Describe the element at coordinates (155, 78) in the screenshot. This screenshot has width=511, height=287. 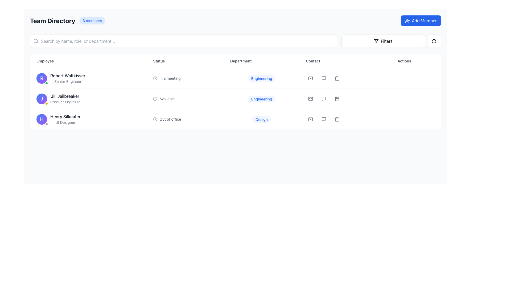
I see `the circular graphic icon resembling a clock in the 'Status' column of the first row, adjacent to the text 'In a meeting' for employee 'Robert Wolfkisser'` at that location.